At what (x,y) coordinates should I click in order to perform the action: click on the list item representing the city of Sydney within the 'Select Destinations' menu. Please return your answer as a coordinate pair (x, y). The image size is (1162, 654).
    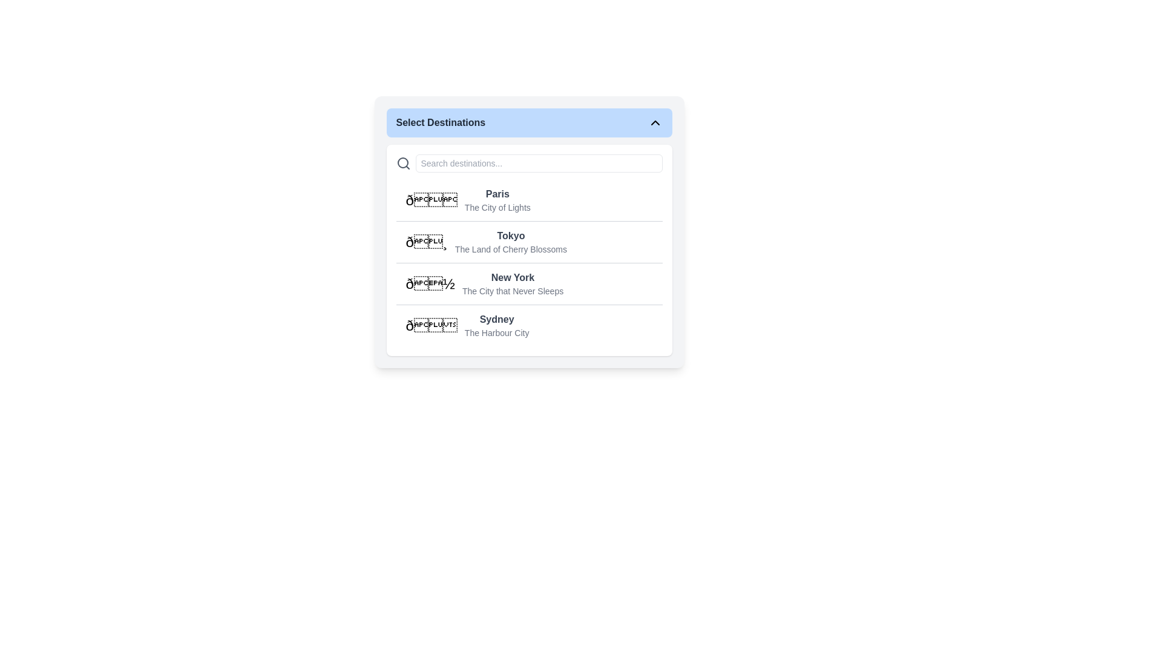
    Looking at the image, I should click on (467, 325).